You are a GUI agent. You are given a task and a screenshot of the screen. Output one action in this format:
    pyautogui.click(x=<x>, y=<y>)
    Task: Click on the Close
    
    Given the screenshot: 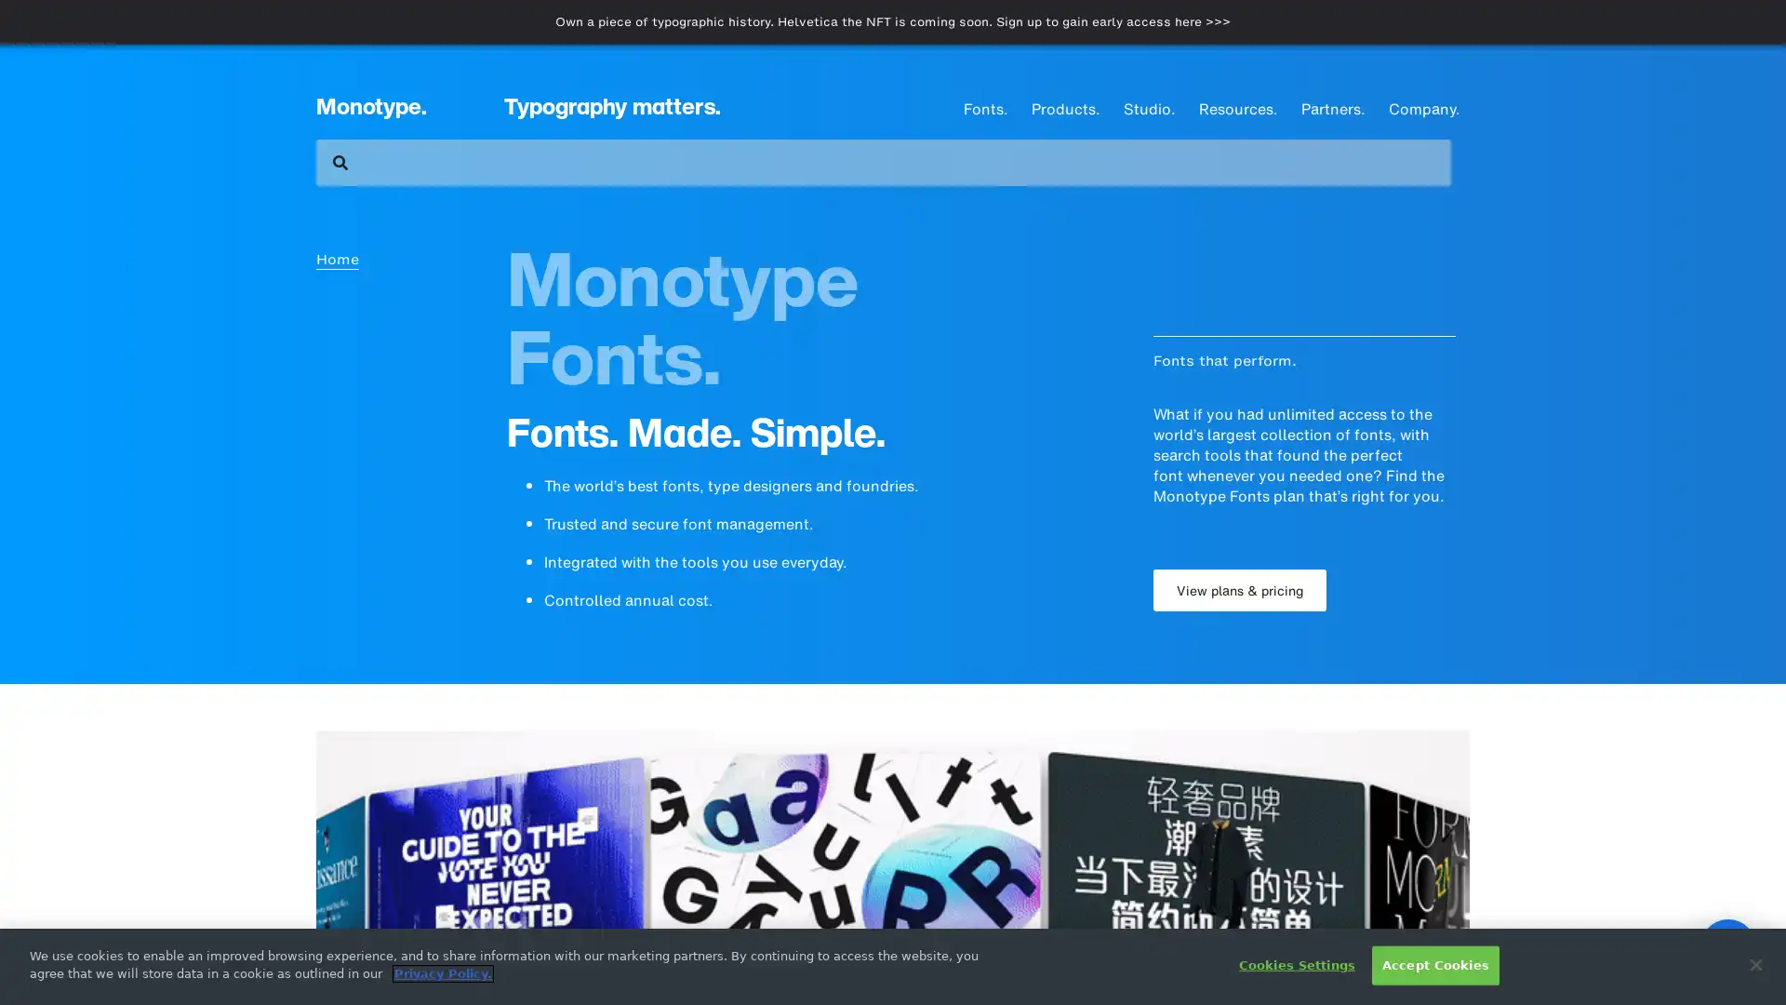 What is the action you would take?
    pyautogui.click(x=1754, y=963)
    